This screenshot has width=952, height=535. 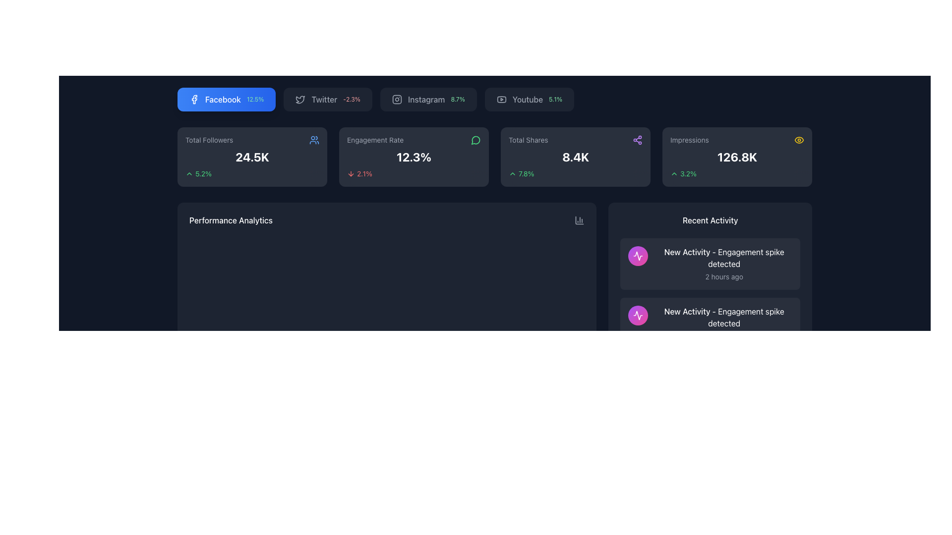 I want to click on text label displaying '12.5%' located adjacent to the 'Facebook' button in the menu bar at the top of the interface, so click(x=255, y=99).